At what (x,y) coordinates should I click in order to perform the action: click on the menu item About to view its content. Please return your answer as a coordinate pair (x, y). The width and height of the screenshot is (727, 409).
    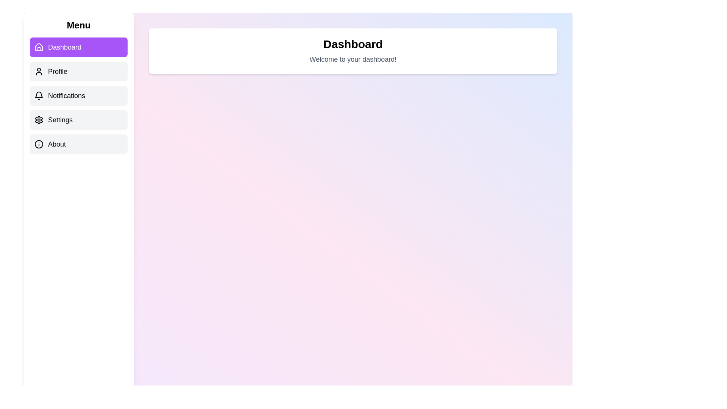
    Looking at the image, I should click on (78, 144).